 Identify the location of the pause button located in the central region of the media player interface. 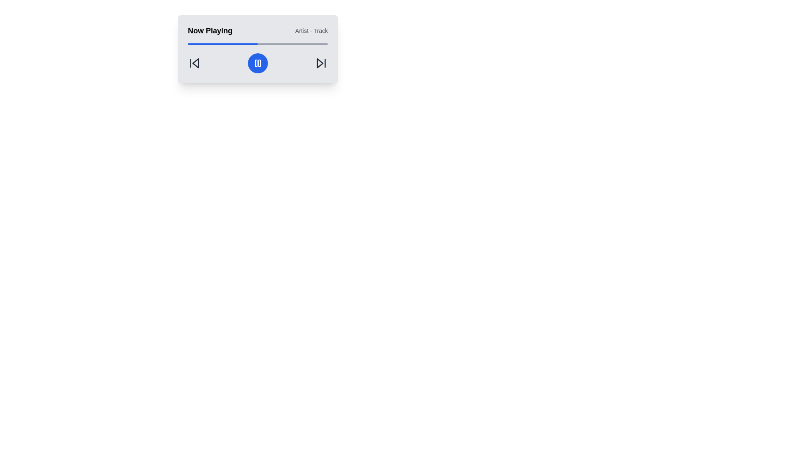
(257, 62).